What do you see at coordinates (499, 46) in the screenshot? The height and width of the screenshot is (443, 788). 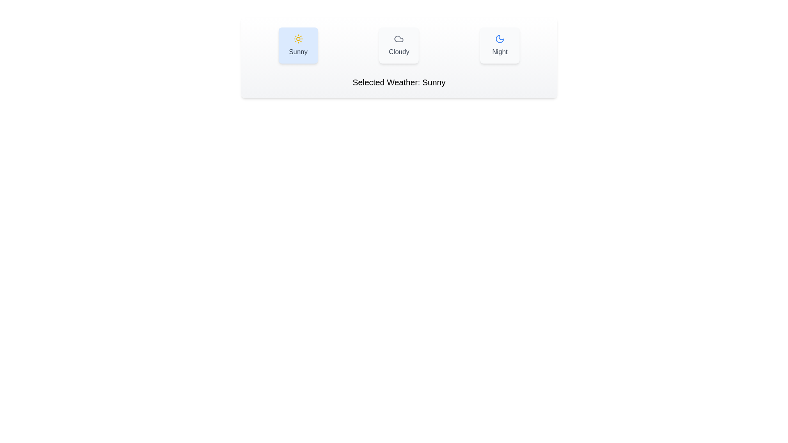 I see `the weather option Night by clicking on the corresponding button` at bounding box center [499, 46].